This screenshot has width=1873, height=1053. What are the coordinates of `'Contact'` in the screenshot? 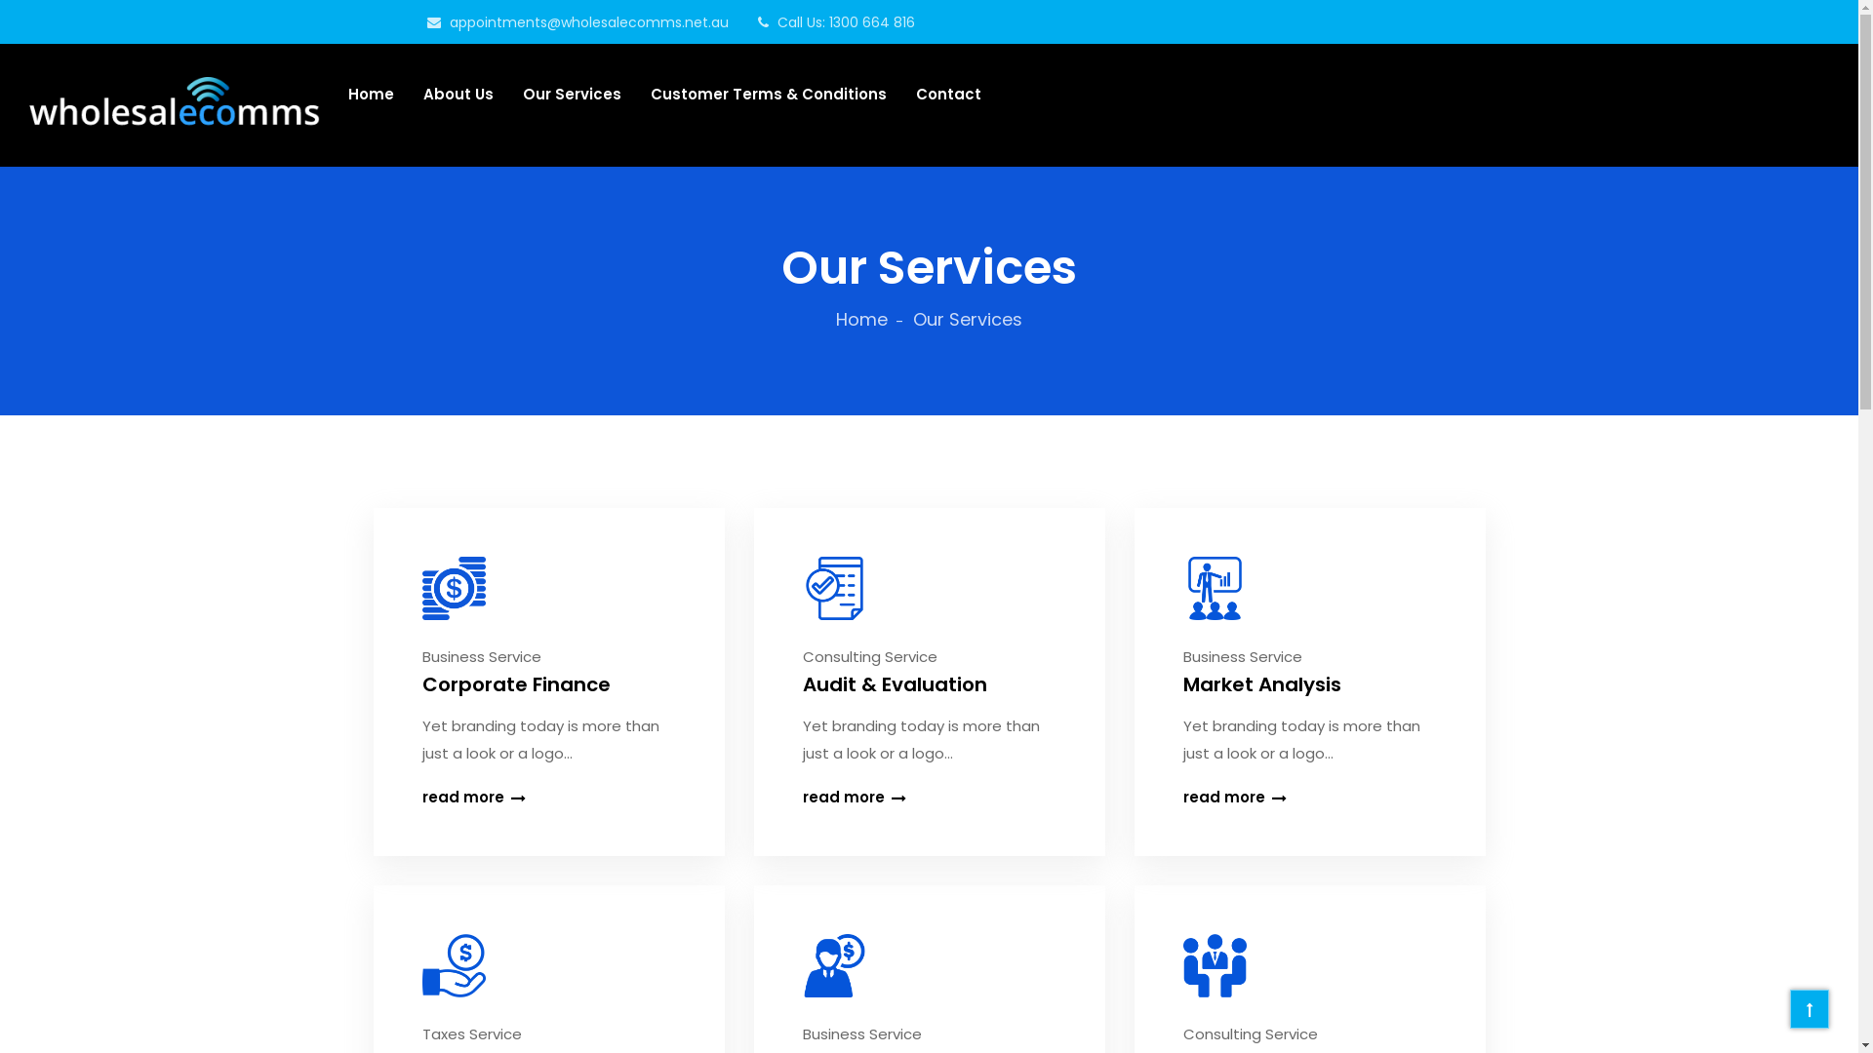 It's located at (948, 94).